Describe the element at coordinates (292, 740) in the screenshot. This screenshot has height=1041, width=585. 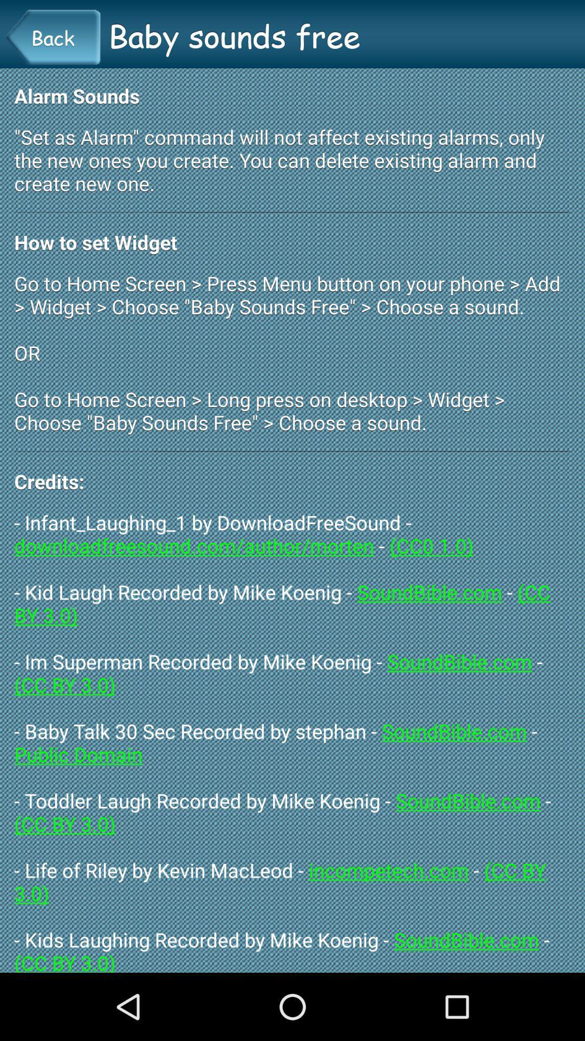
I see `item below credits: app` at that location.